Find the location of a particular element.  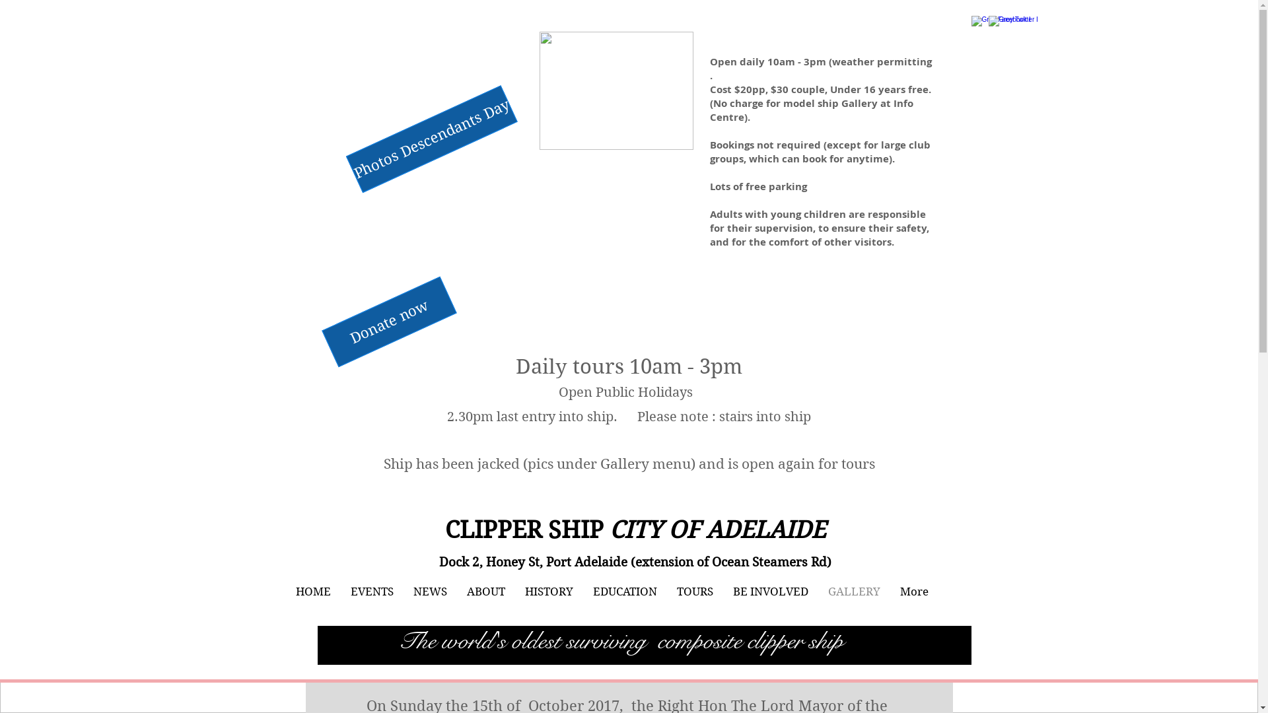

'EDUCATION' is located at coordinates (623, 591).